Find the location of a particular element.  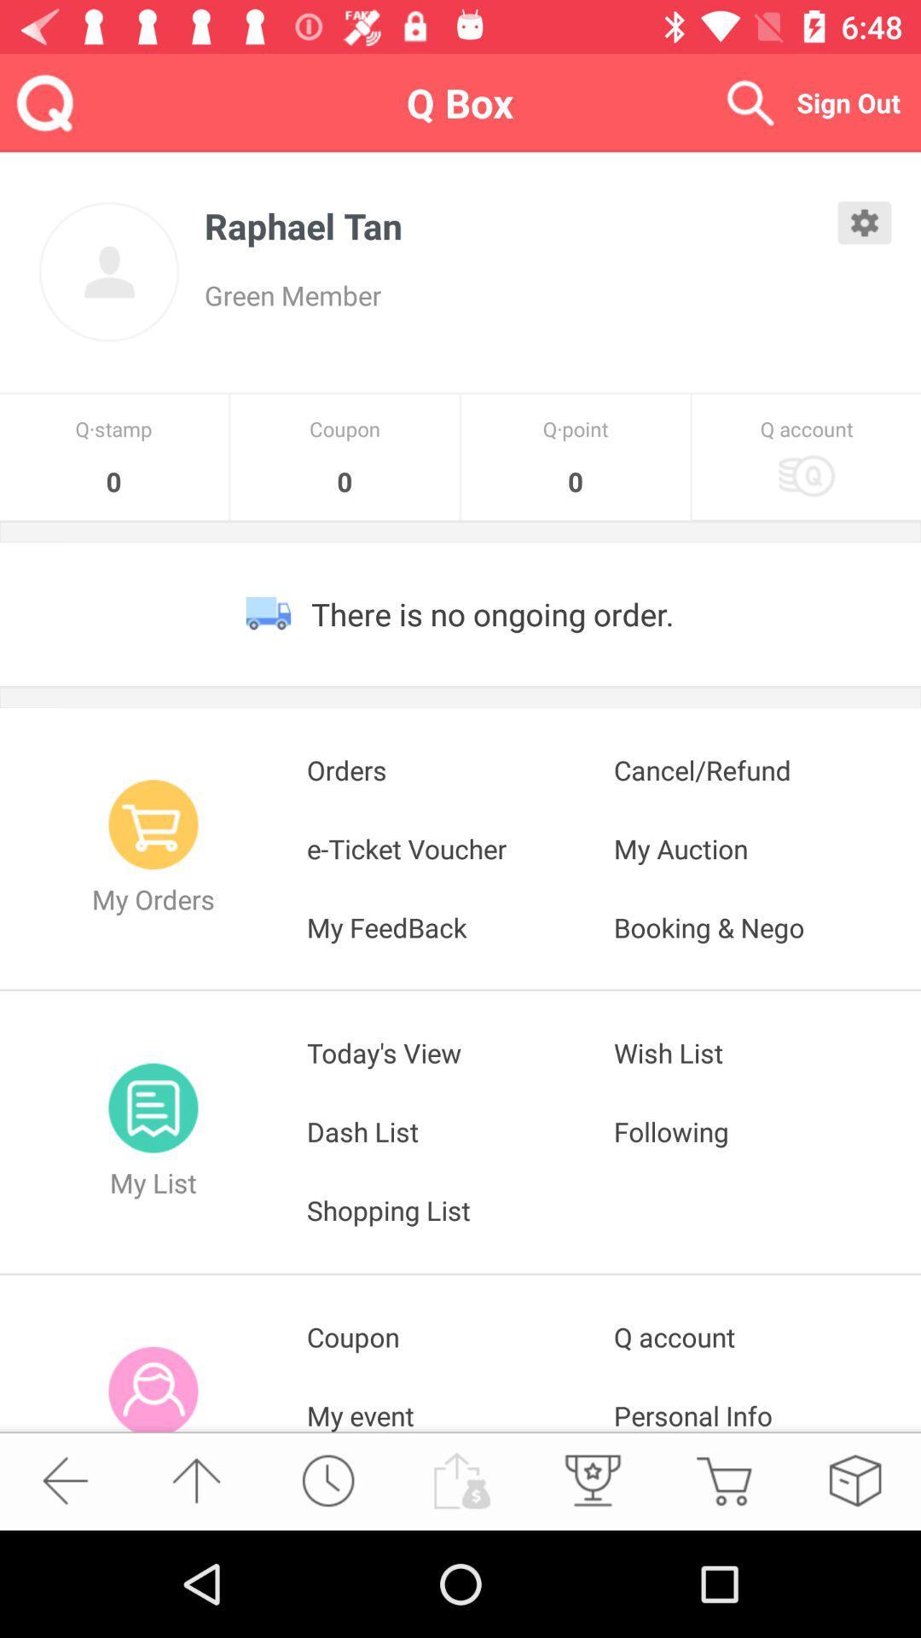

open shopping cart is located at coordinates (723, 1479).